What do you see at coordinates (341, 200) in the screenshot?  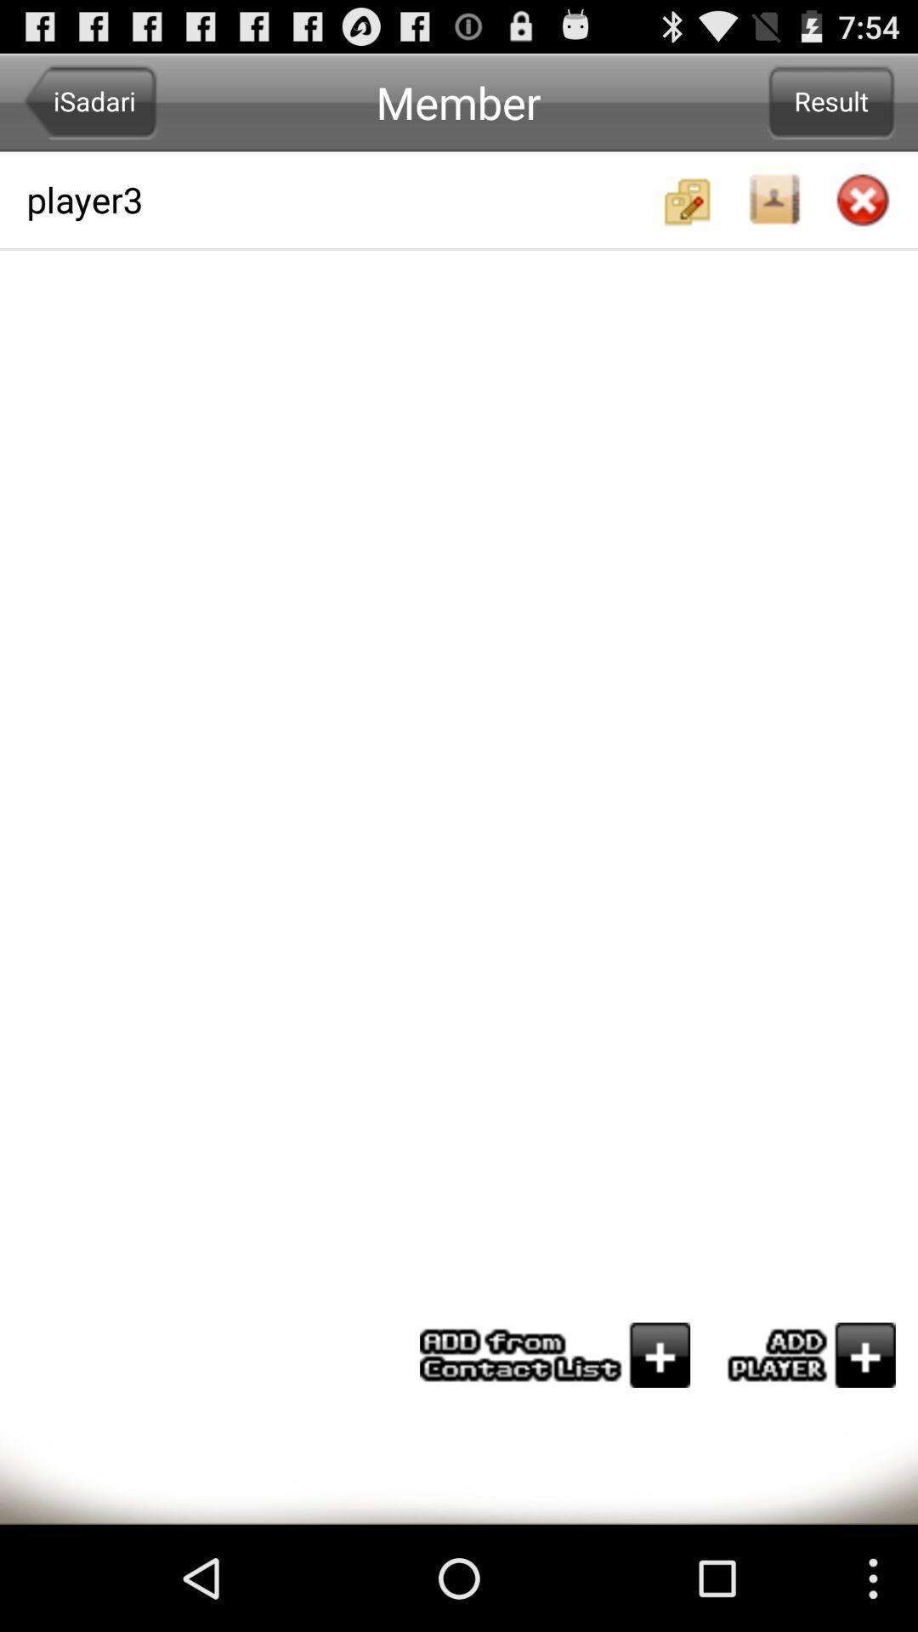 I see `player3 icon` at bounding box center [341, 200].